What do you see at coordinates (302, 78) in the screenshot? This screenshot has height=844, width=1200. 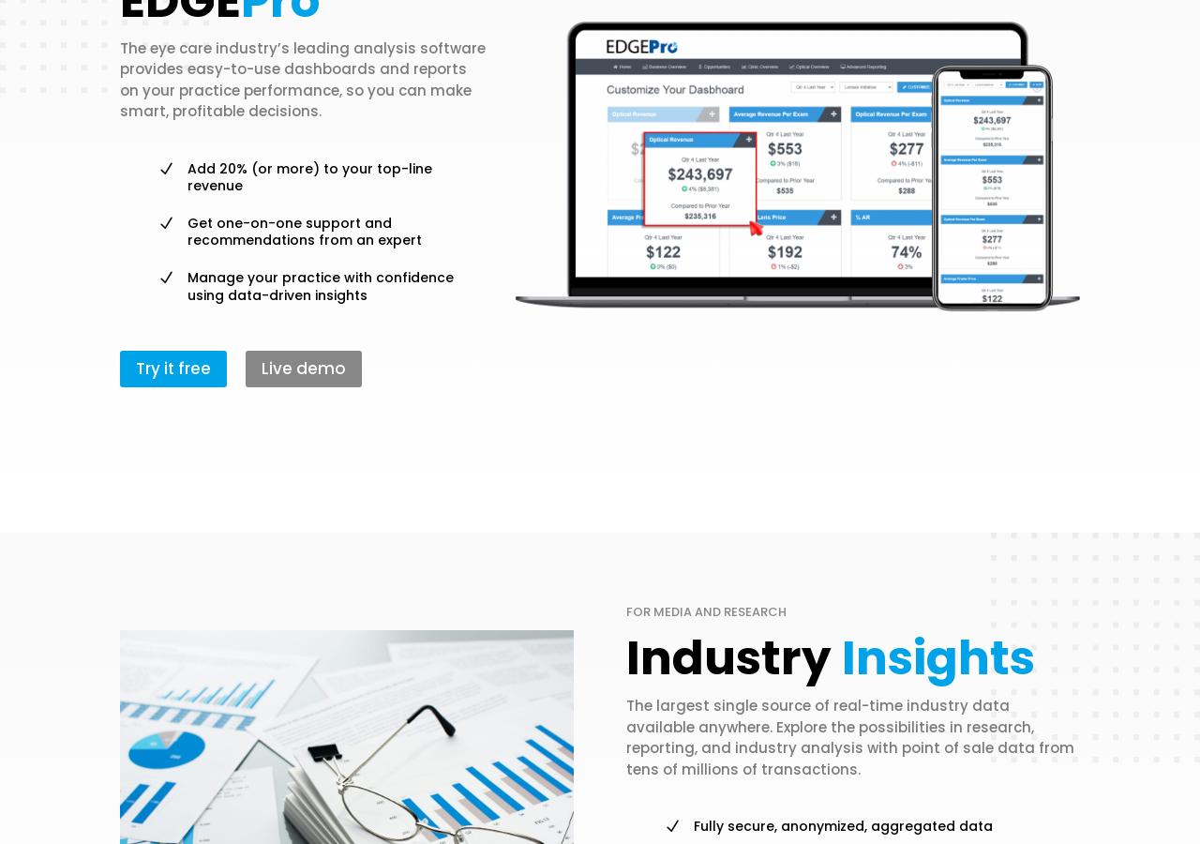 I see `'The eye care industry’s leading analysis software provides easy-to-use dashboards and reports on your practice performance, so you can make smart, profitable decisions.'` at bounding box center [302, 78].